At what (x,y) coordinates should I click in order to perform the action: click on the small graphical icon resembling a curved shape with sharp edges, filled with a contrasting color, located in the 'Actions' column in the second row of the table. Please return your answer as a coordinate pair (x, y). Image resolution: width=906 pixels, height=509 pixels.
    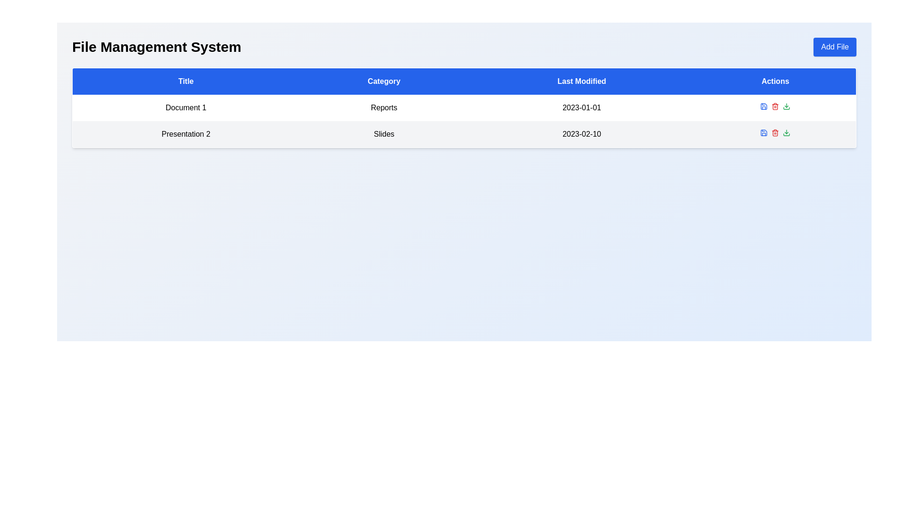
    Looking at the image, I should click on (764, 106).